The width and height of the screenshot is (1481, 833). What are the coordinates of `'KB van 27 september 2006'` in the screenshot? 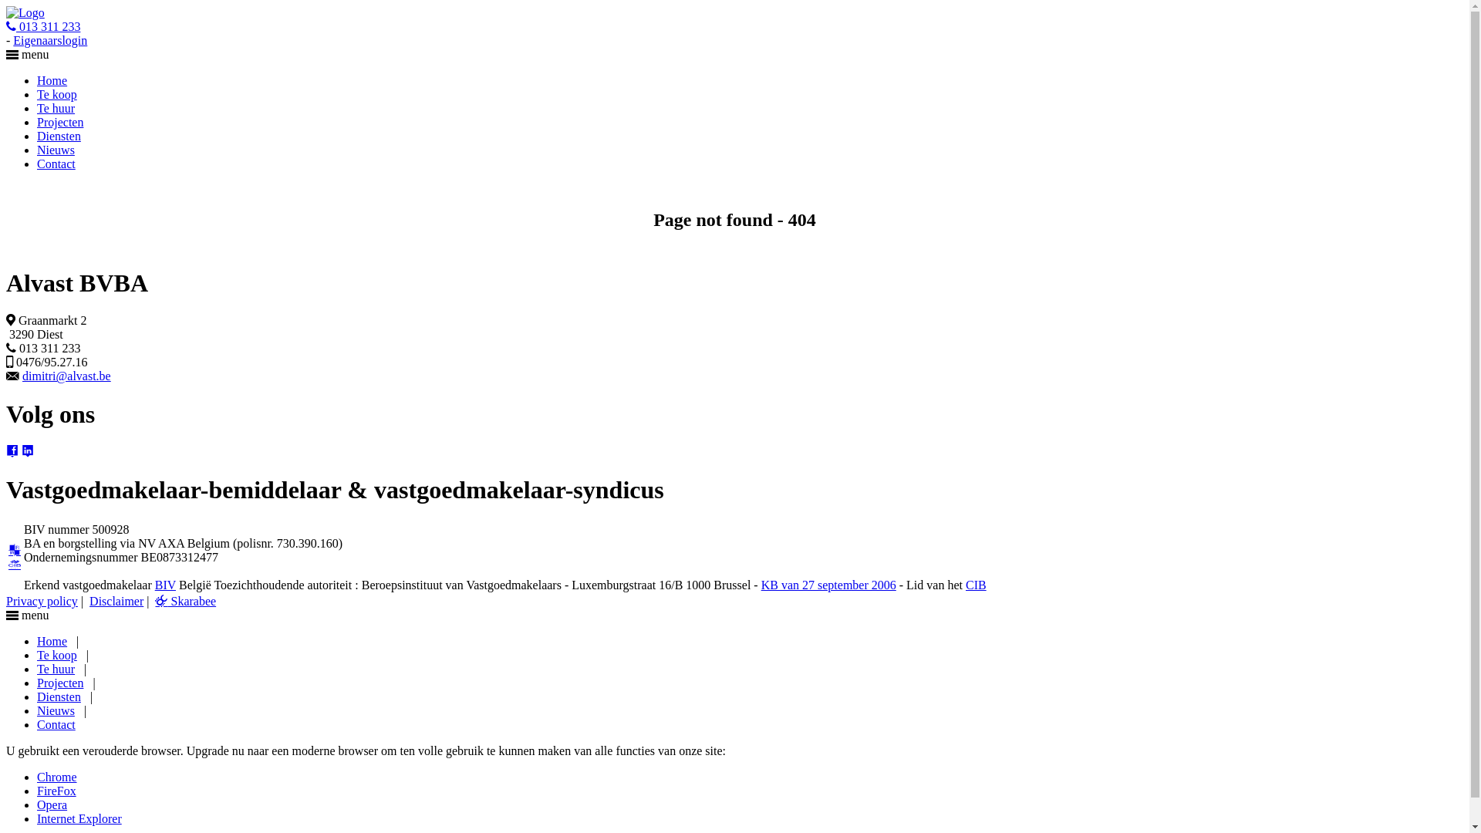 It's located at (828, 585).